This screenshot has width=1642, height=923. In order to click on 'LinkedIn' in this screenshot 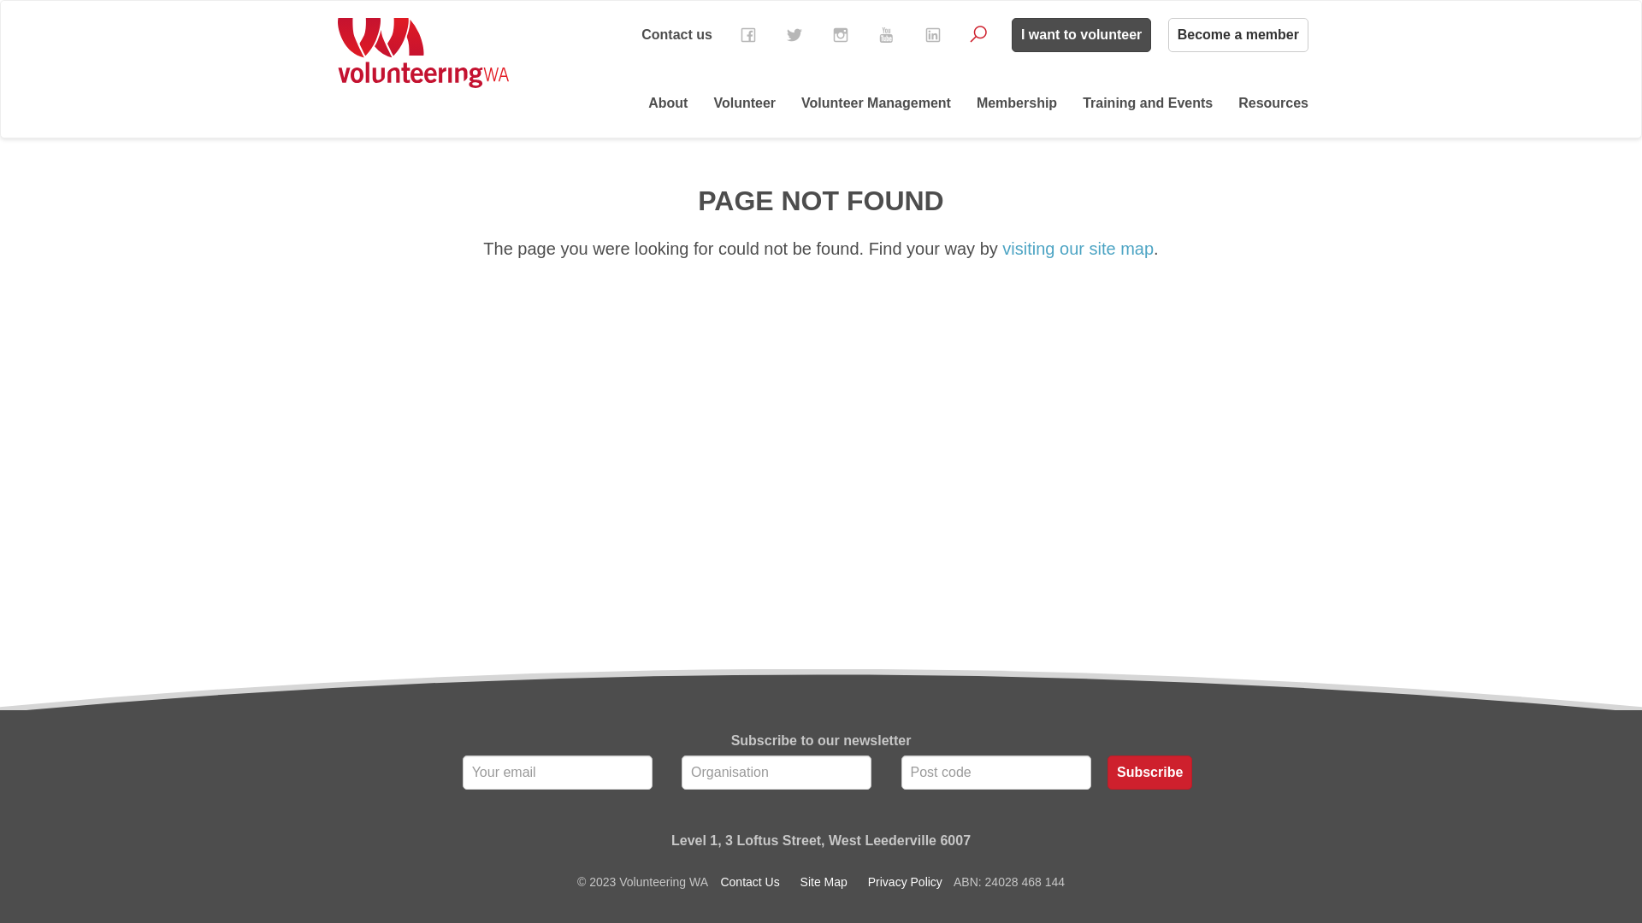, I will do `click(931, 35)`.